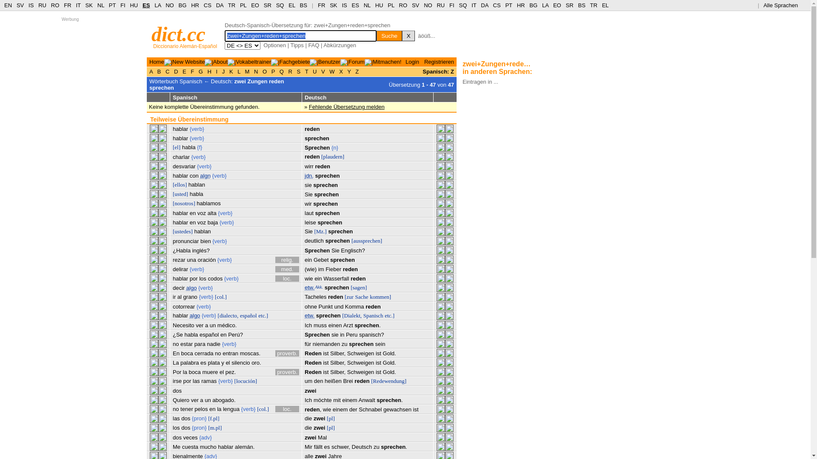 The height and width of the screenshot is (459, 817). Describe the element at coordinates (191, 334) in the screenshot. I see `'habla'` at that location.